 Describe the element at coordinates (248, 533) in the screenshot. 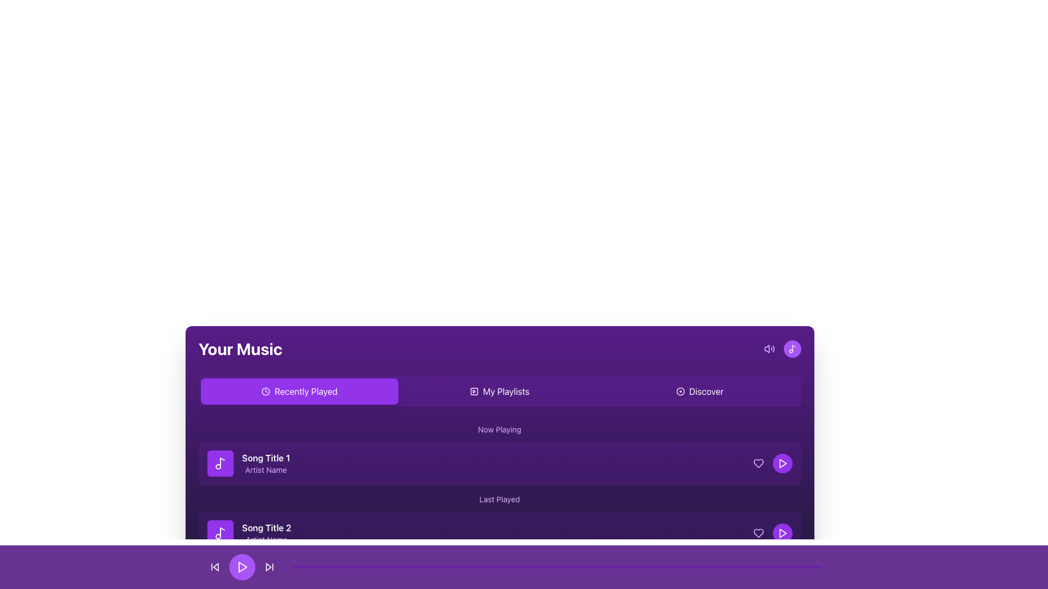

I see `the second music entry in the 'Your Music' list, which features a purple square with a musical note icon` at that location.